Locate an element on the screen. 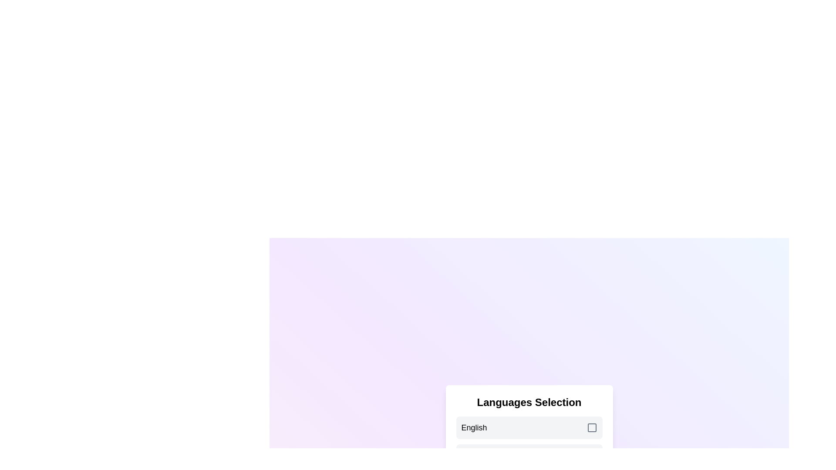  the checkbox corresponding to English to toggle its selection is located at coordinates (592, 427).